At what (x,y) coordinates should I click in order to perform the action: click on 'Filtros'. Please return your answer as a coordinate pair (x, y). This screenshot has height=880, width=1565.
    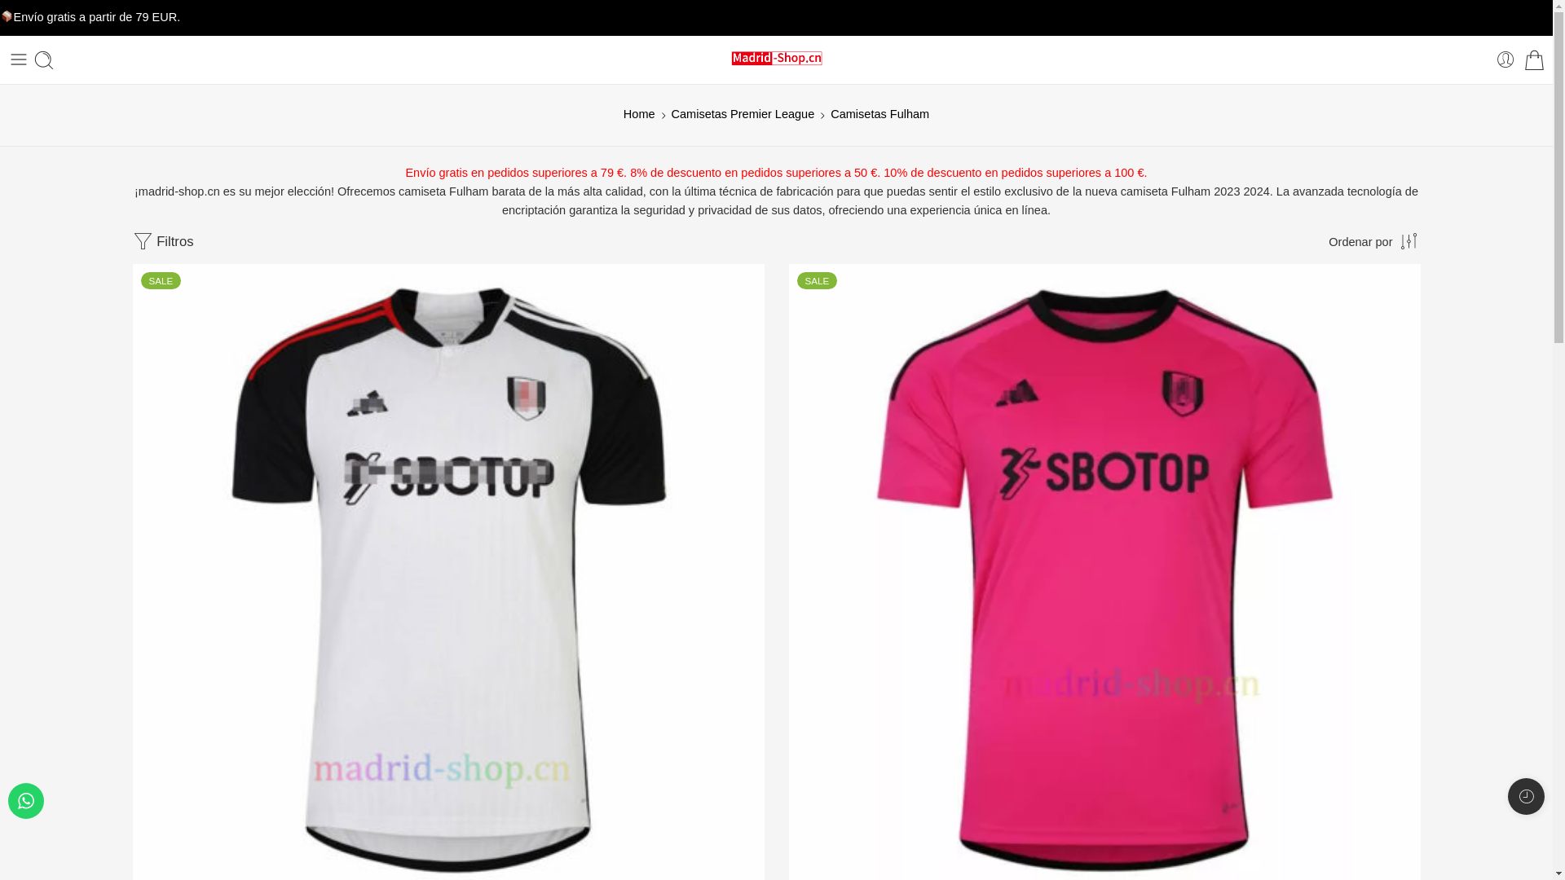
    Looking at the image, I should click on (162, 242).